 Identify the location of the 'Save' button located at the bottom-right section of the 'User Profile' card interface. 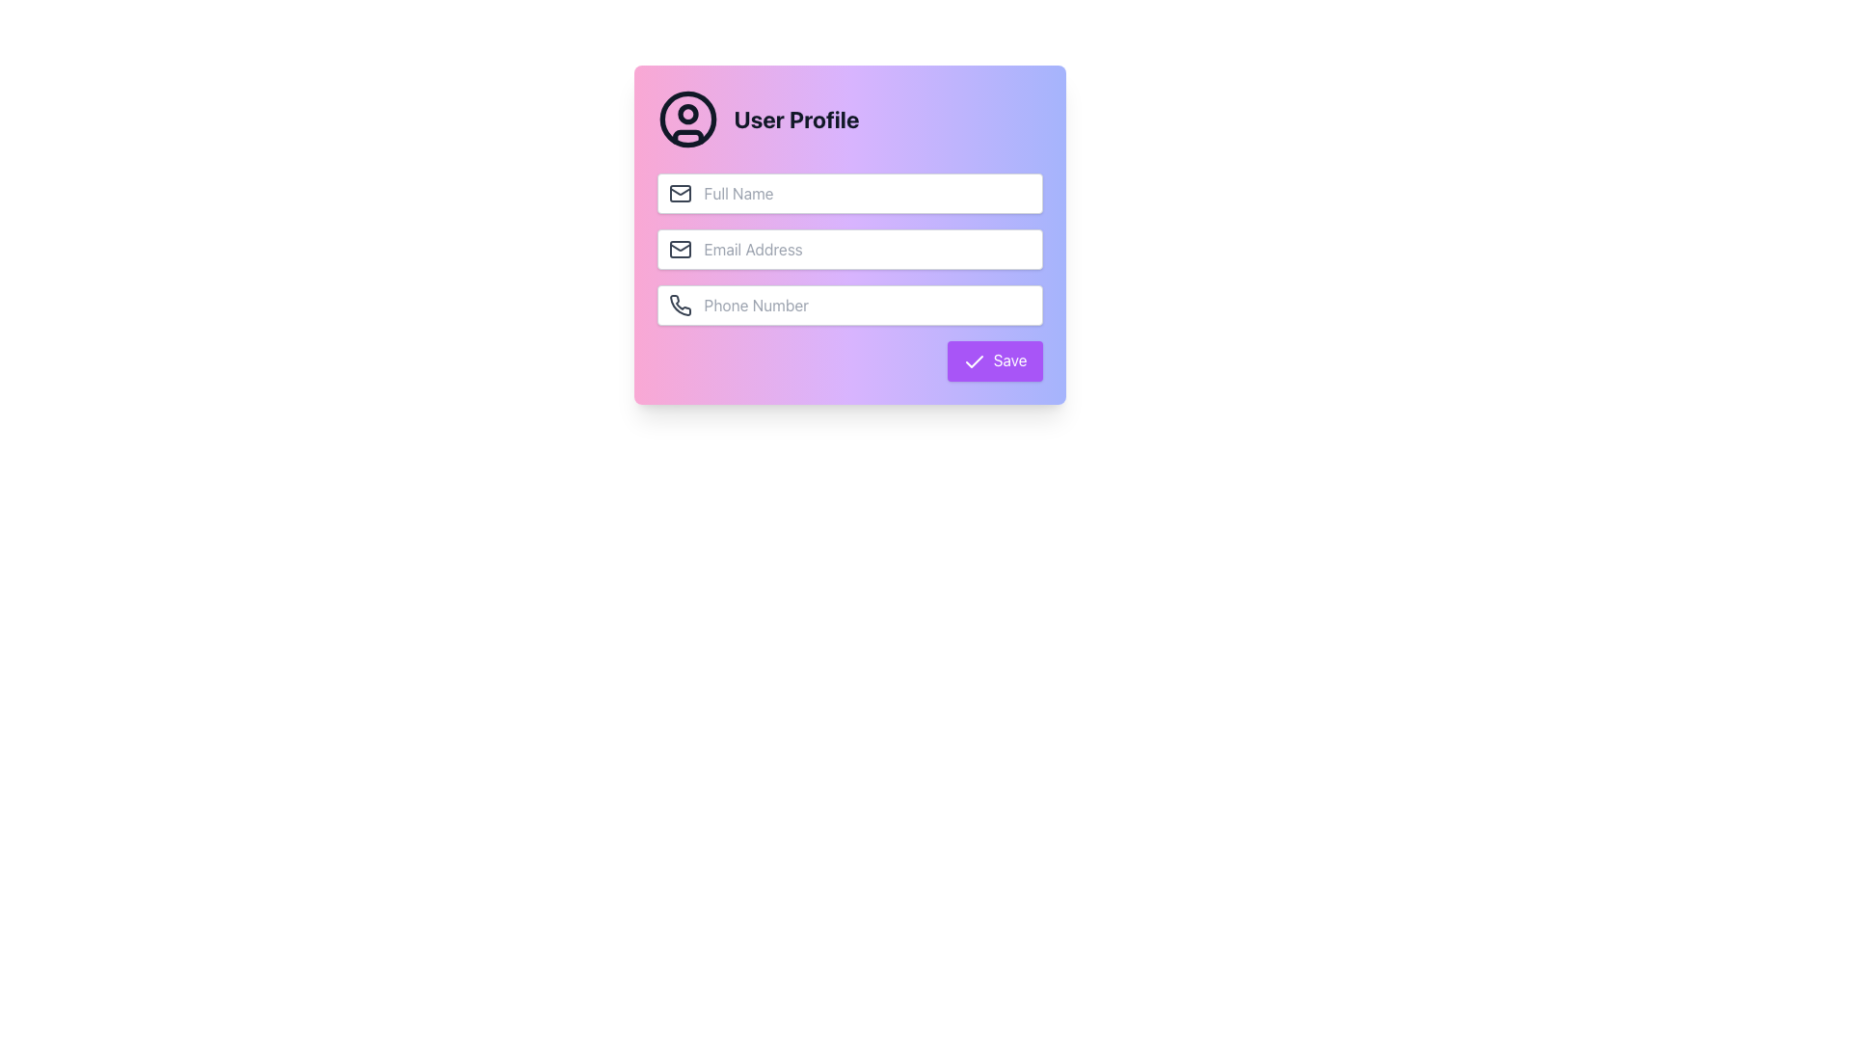
(995, 360).